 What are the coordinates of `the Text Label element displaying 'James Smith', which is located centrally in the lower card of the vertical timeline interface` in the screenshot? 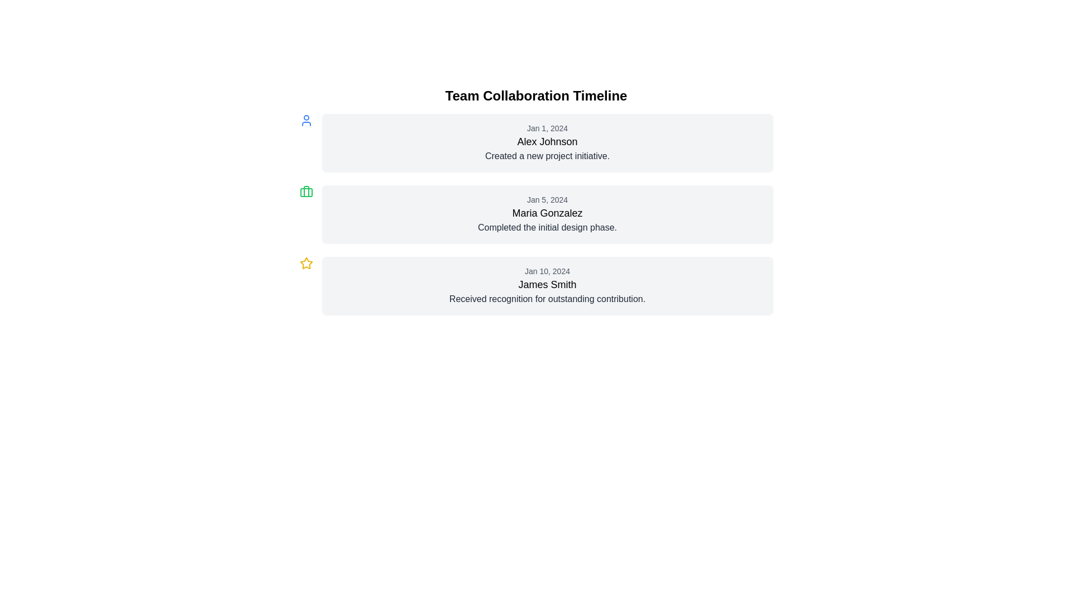 It's located at (547, 284).